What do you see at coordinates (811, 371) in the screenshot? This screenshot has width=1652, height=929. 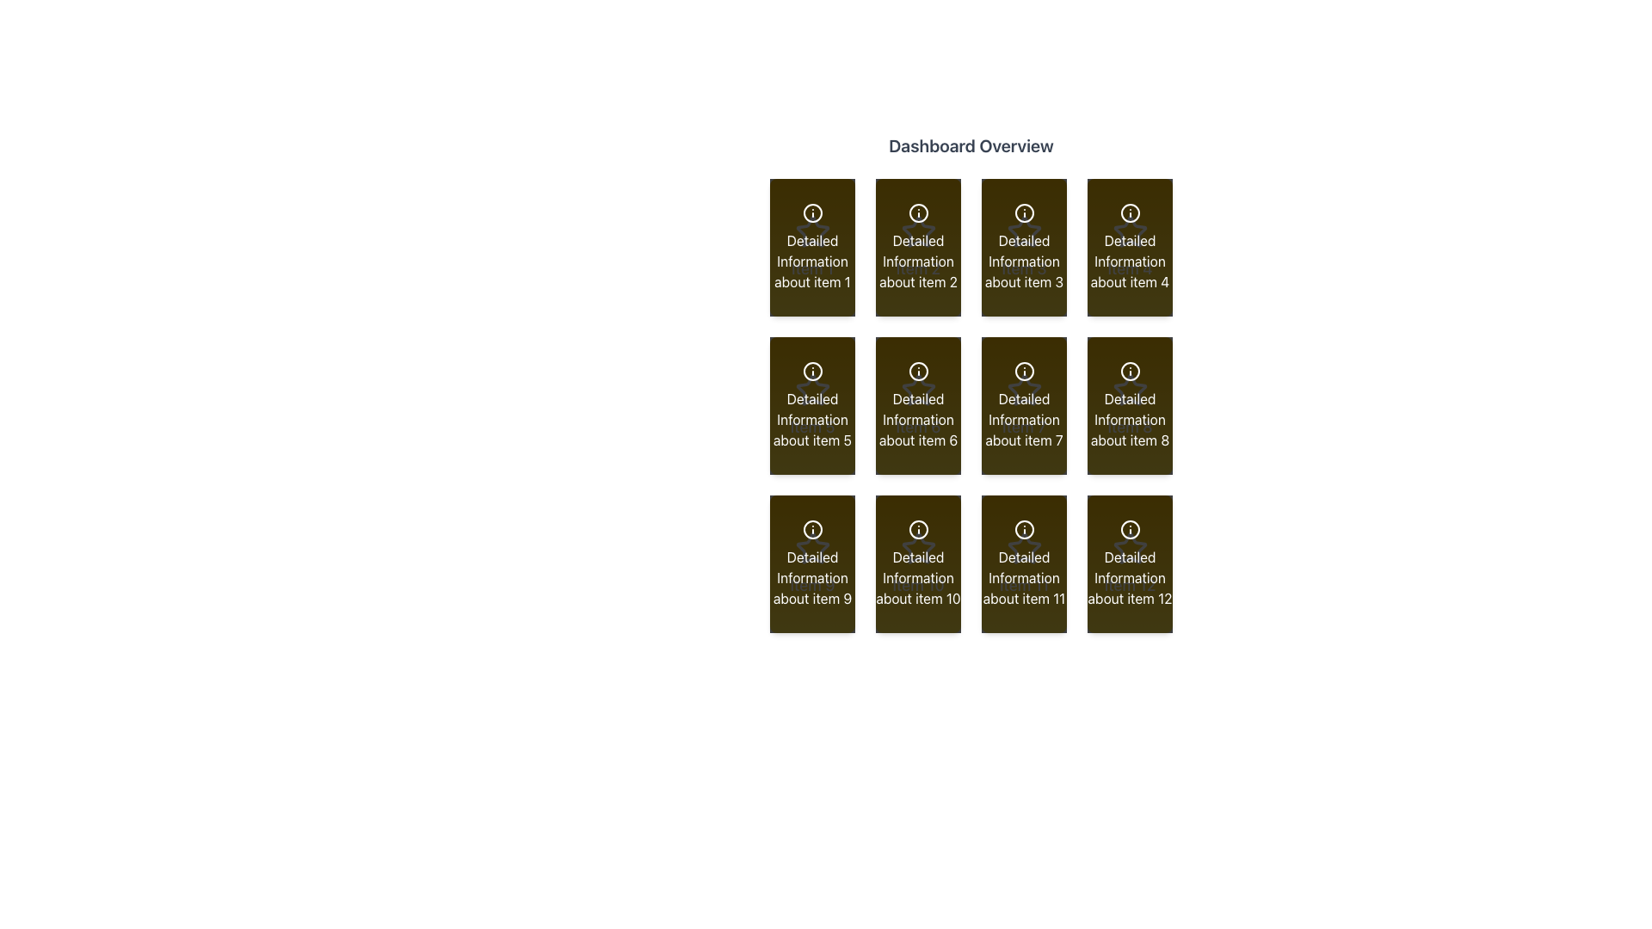 I see `the information icon, characterized by a circular outline enclosing a lowercase 'i', located in the first column of the middle row in a grid layout` at bounding box center [811, 371].